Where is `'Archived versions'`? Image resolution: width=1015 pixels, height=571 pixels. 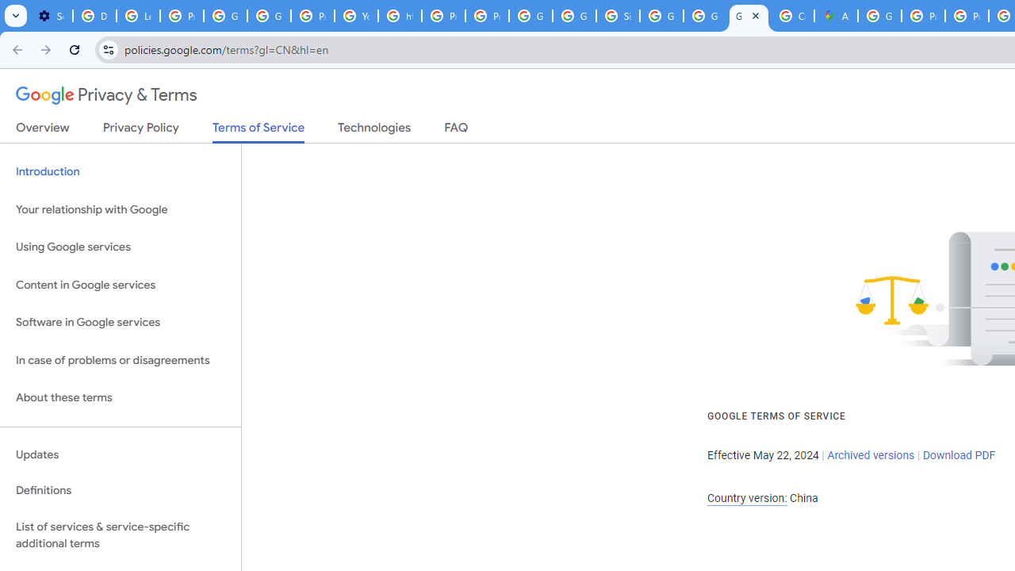 'Archived versions' is located at coordinates (870, 455).